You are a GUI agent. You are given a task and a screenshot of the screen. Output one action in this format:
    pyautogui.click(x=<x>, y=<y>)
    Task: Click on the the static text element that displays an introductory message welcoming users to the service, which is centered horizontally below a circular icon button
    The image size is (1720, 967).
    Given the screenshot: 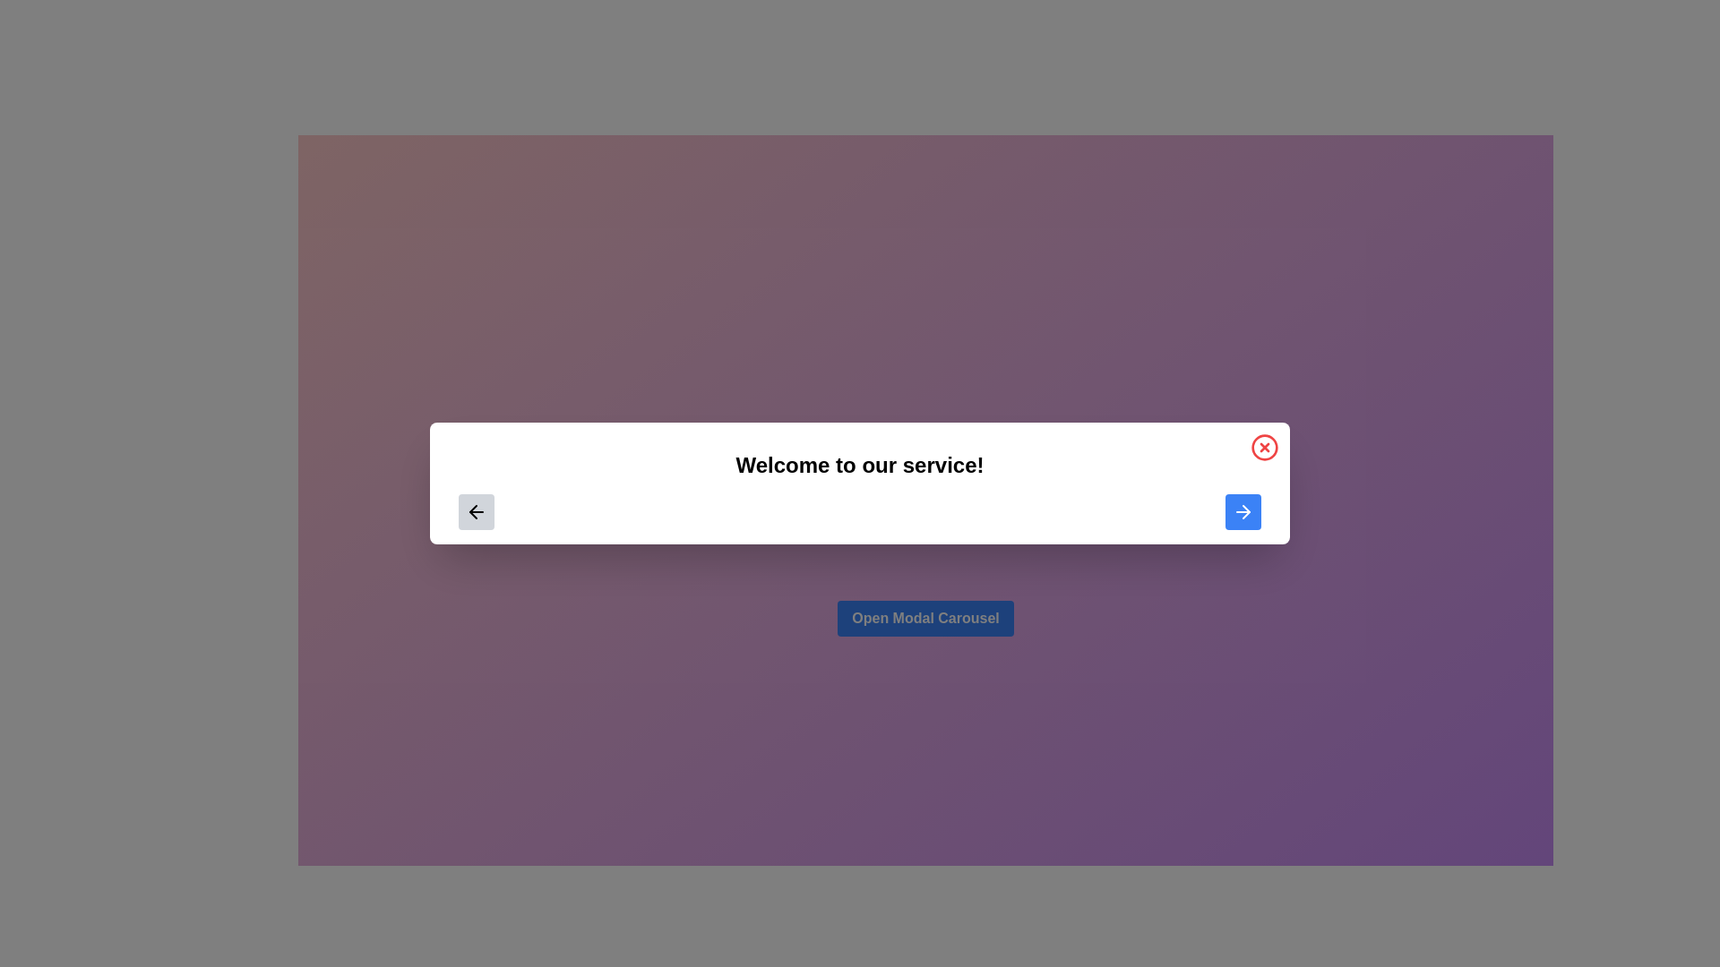 What is the action you would take?
    pyautogui.click(x=860, y=465)
    